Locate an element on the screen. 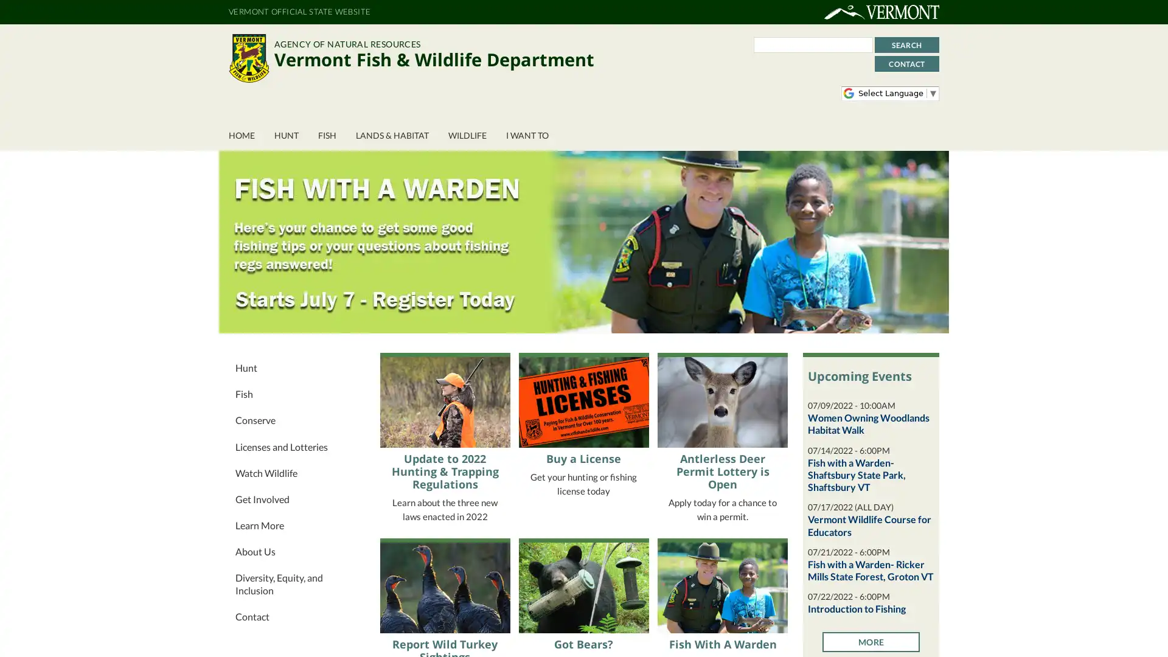 Image resolution: width=1168 pixels, height=657 pixels. Search is located at coordinates (906, 44).